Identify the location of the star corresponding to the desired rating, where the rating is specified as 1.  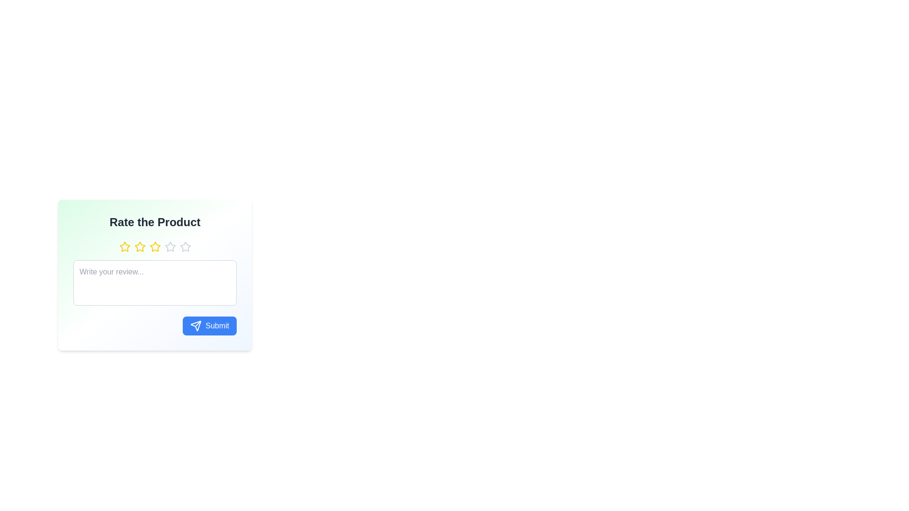
(124, 246).